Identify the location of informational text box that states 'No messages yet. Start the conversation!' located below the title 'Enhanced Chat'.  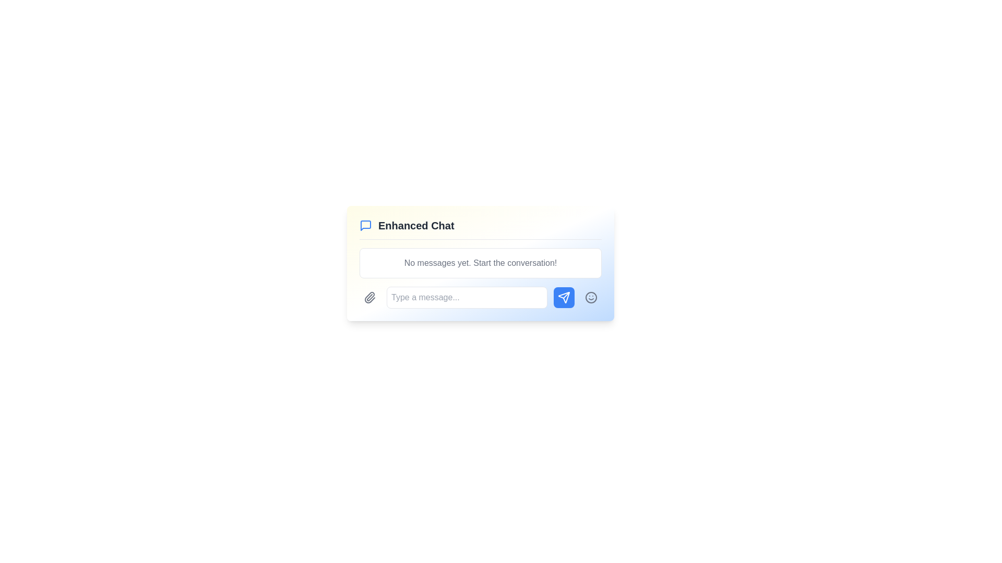
(480, 263).